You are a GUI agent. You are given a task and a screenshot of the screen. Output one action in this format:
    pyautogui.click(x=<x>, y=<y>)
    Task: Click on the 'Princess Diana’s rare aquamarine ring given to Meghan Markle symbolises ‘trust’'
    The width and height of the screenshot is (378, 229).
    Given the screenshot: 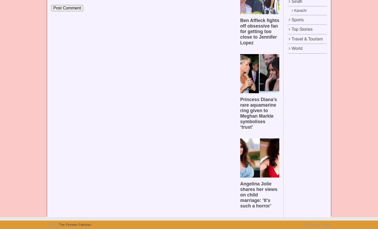 What is the action you would take?
    pyautogui.click(x=240, y=113)
    